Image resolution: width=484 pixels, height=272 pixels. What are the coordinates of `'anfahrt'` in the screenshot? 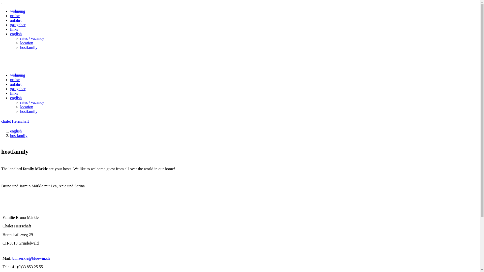 It's located at (10, 84).